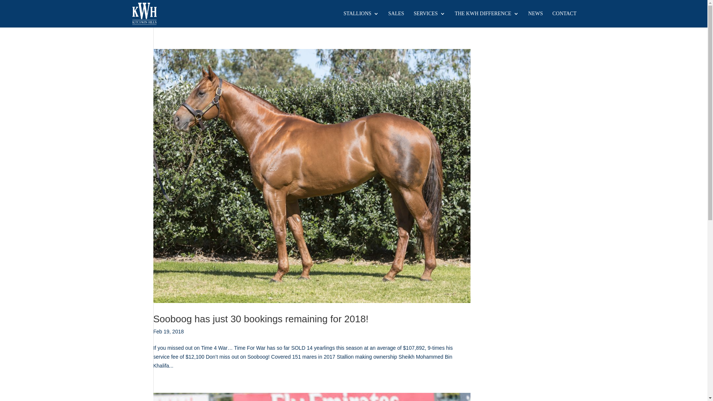  I want to click on 'NEWS', so click(535, 19).